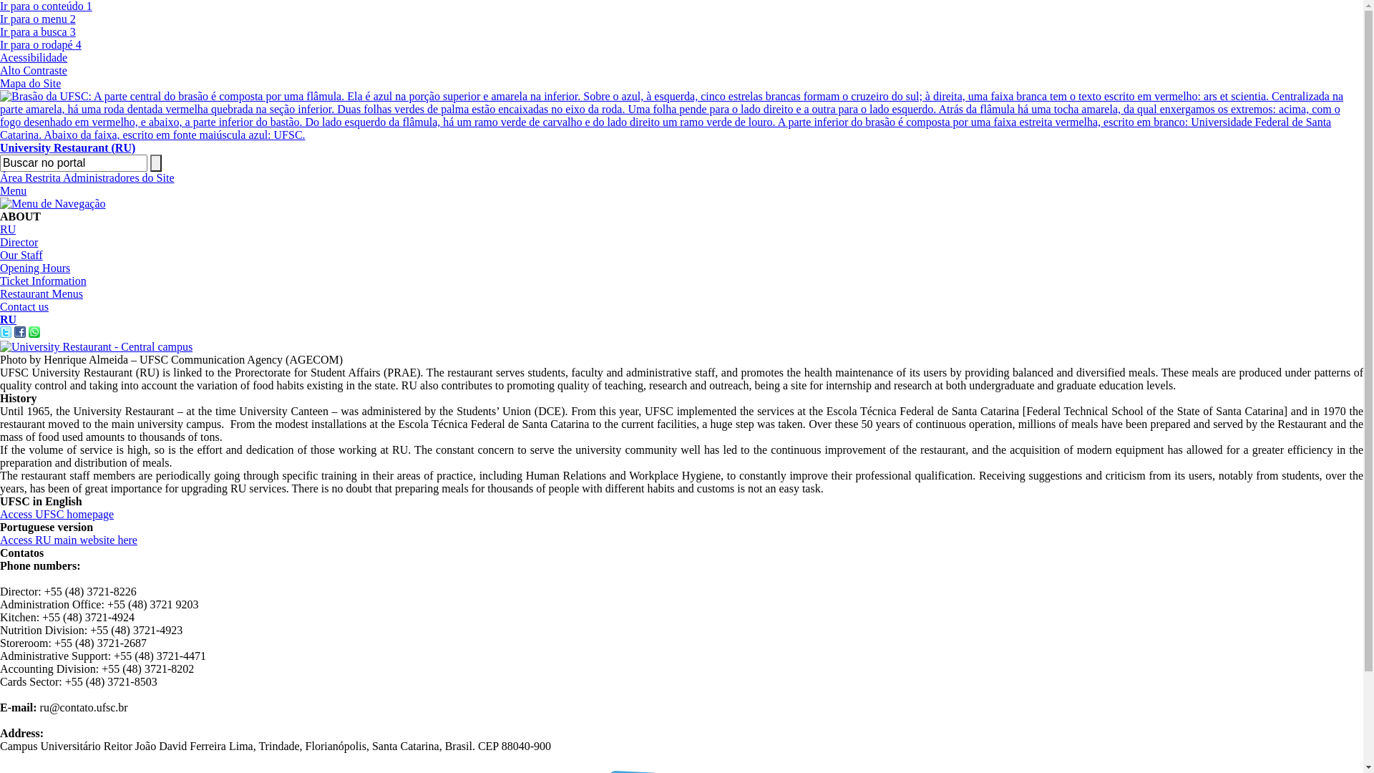 The width and height of the screenshot is (1374, 773). Describe the element at coordinates (7, 228) in the screenshot. I see `'RU'` at that location.